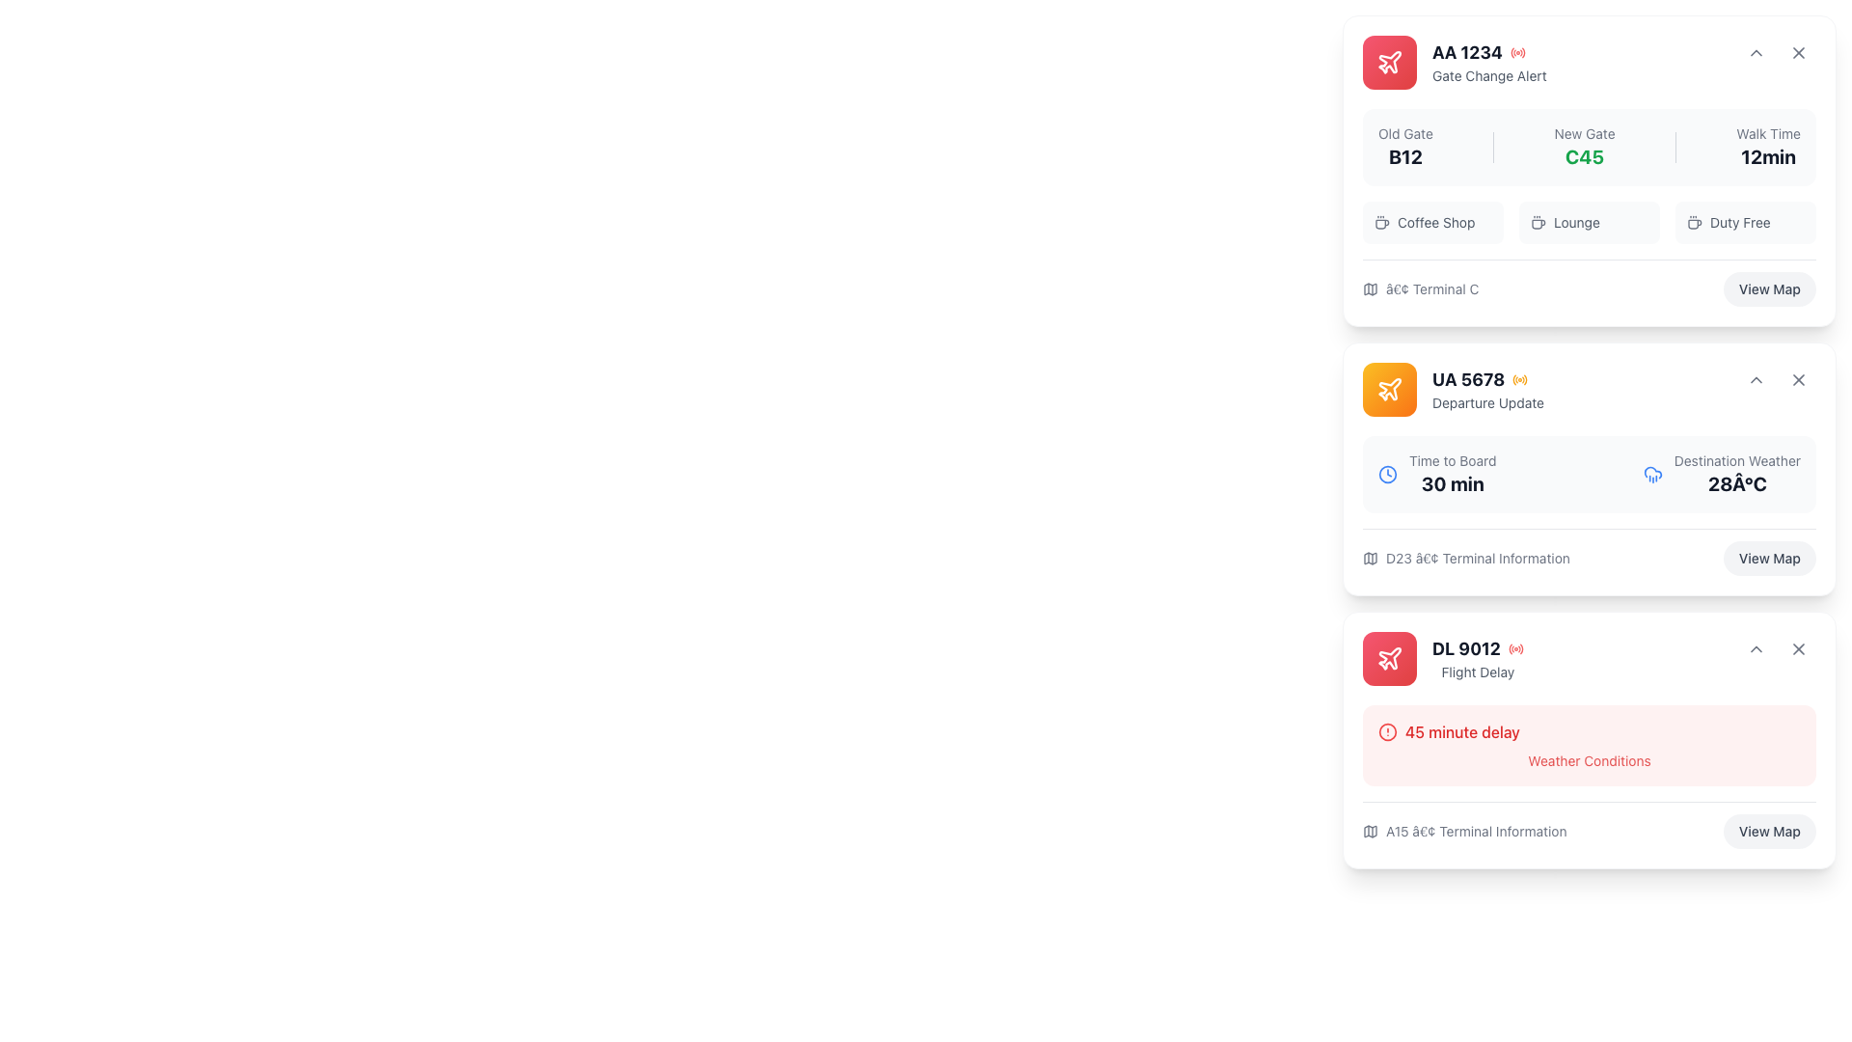 This screenshot has width=1852, height=1042. What do you see at coordinates (1537, 222) in the screenshot?
I see `the lounge service icon` at bounding box center [1537, 222].